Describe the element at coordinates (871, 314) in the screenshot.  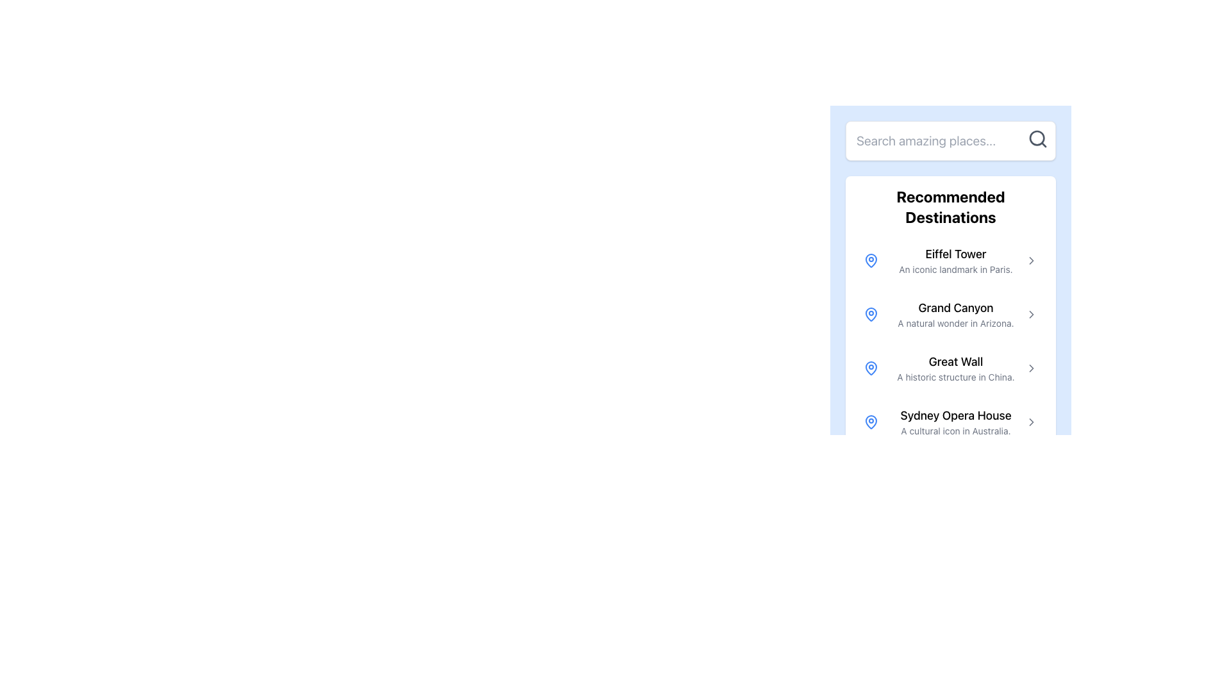
I see `the geographical icon located to the immediate left of the text block 'Grand Canyon - A natural wonder in Arizona.' in the second recommended destination entry of the list 'Recommended Destinations'` at that location.